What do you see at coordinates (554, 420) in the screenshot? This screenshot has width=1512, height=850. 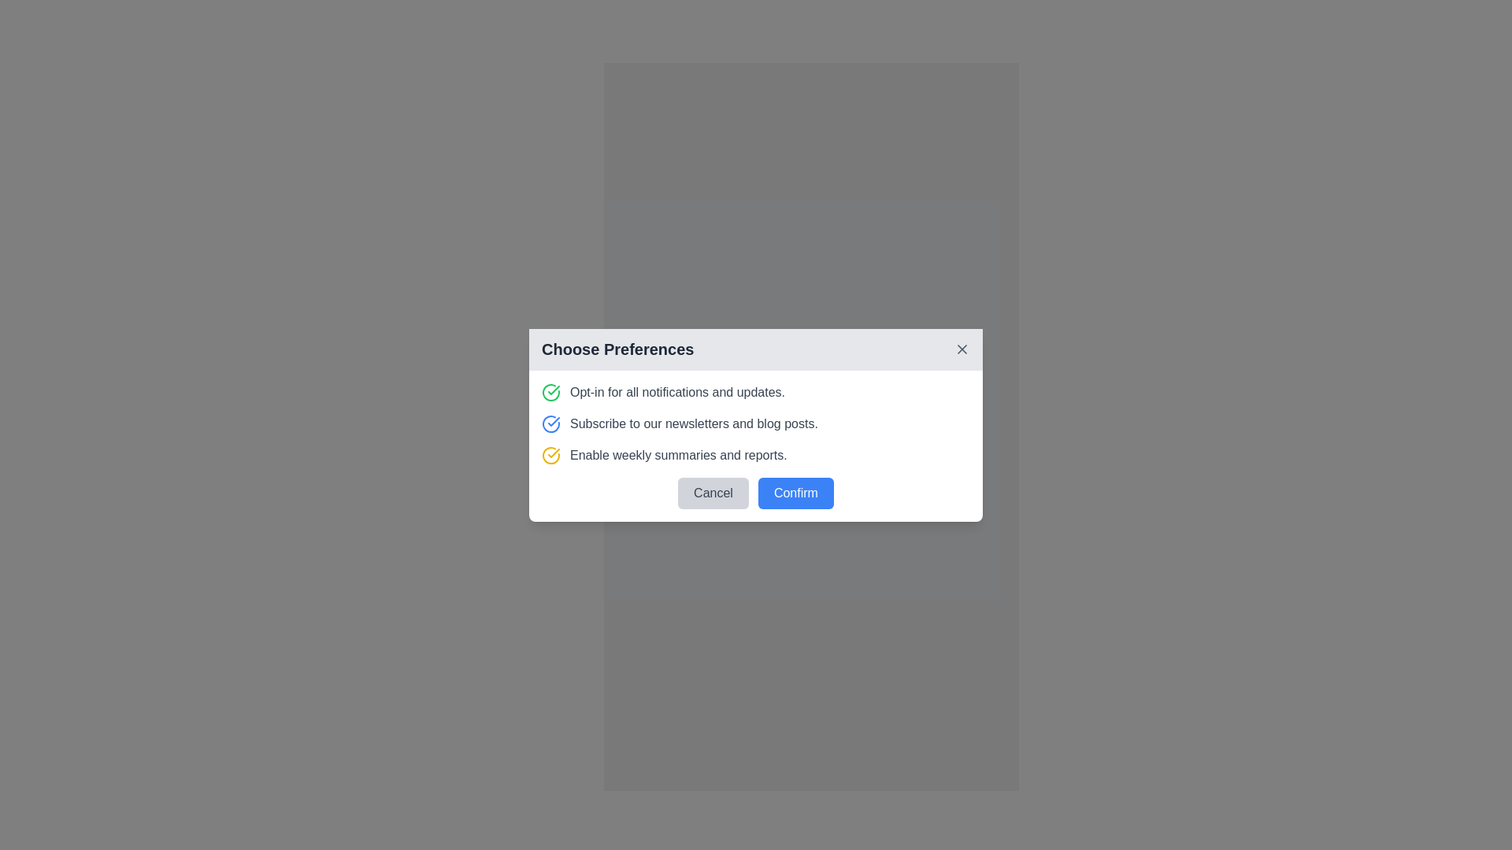 I see `the checkmark icon within the 'Choose Preferences' modal dialog, which represents the state of the associated checkbox for 'Opt-in for all notifications` at bounding box center [554, 420].